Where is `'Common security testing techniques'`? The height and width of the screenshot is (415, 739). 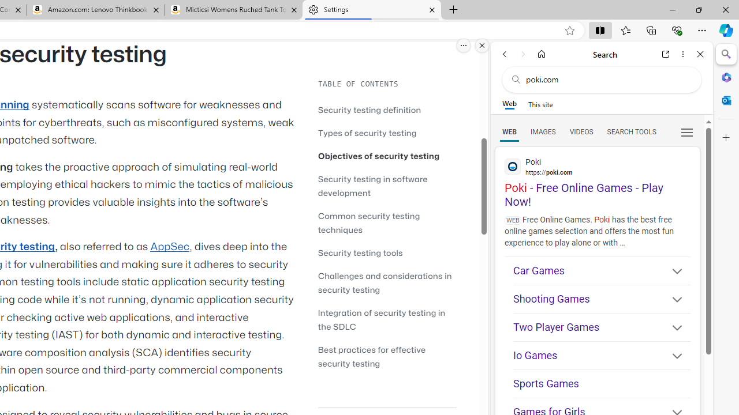 'Common security testing techniques' is located at coordinates (387, 222).